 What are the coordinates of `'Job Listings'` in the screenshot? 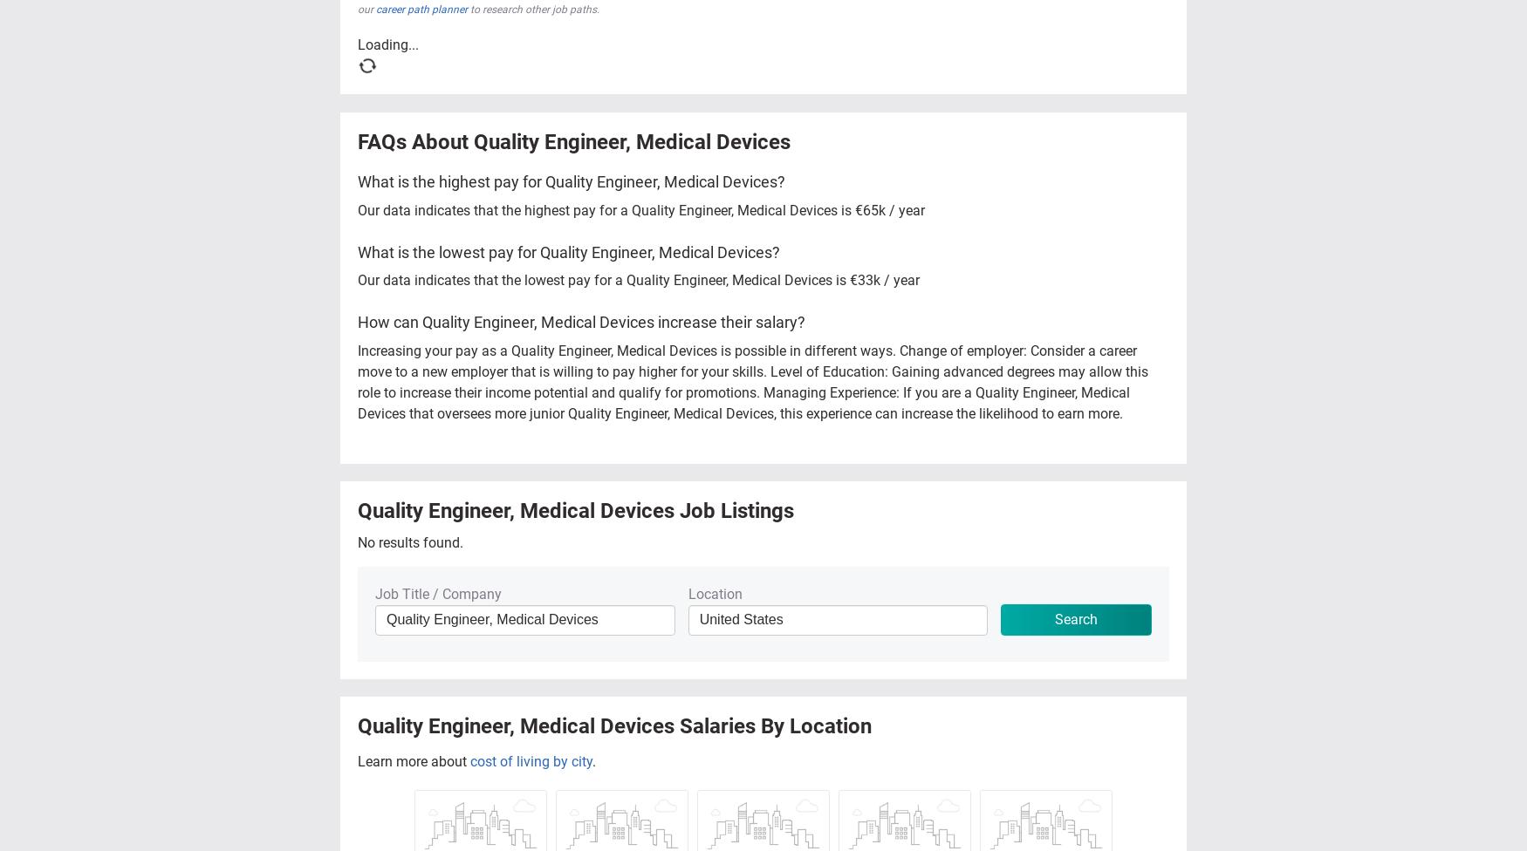 It's located at (734, 510).